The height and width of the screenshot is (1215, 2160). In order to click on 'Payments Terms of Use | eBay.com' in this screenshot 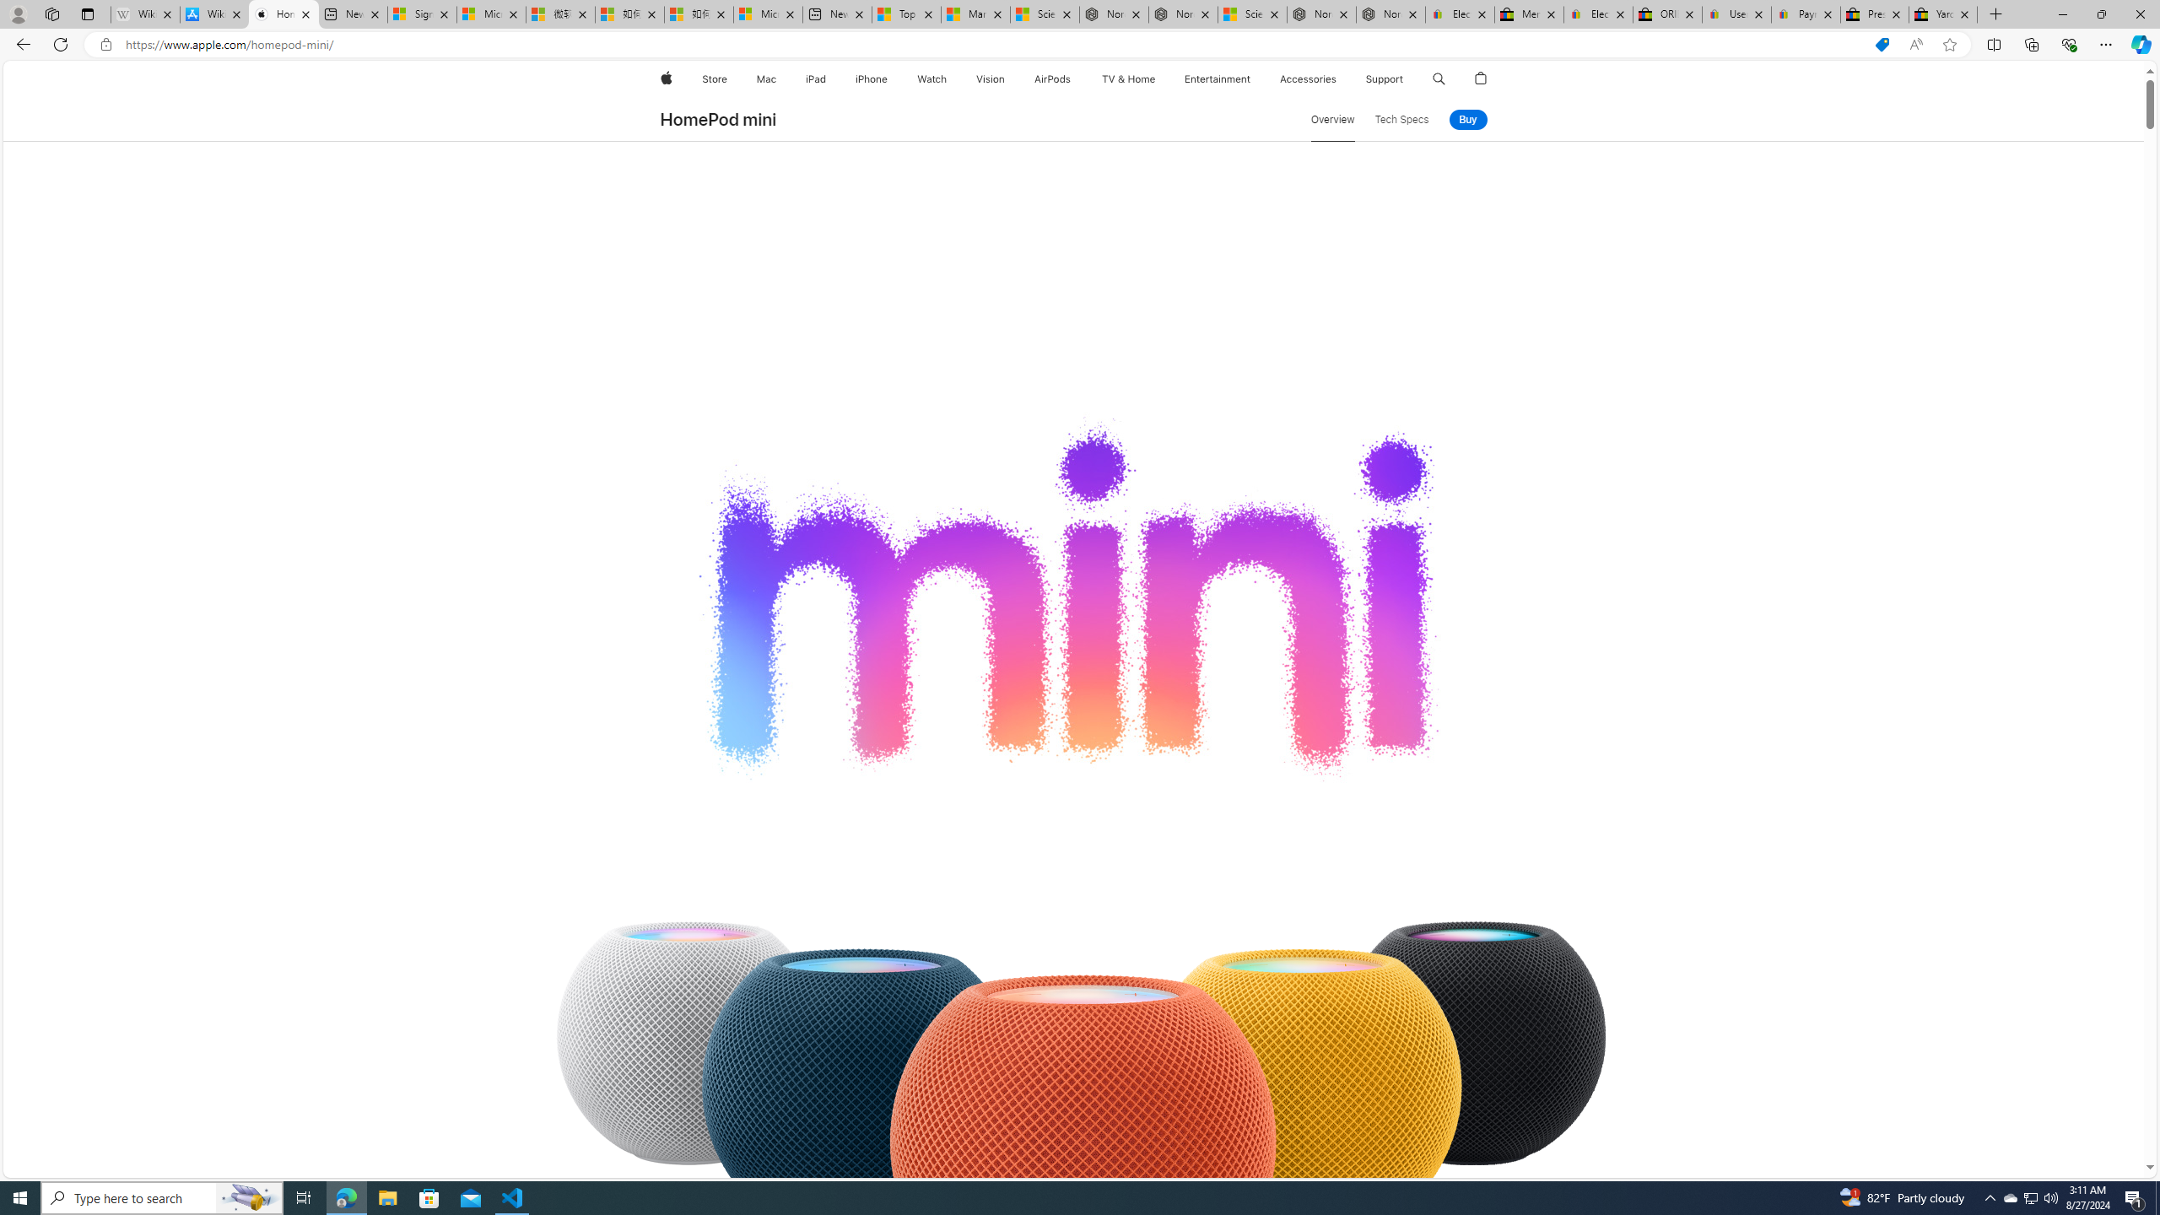, I will do `click(1806, 13)`.